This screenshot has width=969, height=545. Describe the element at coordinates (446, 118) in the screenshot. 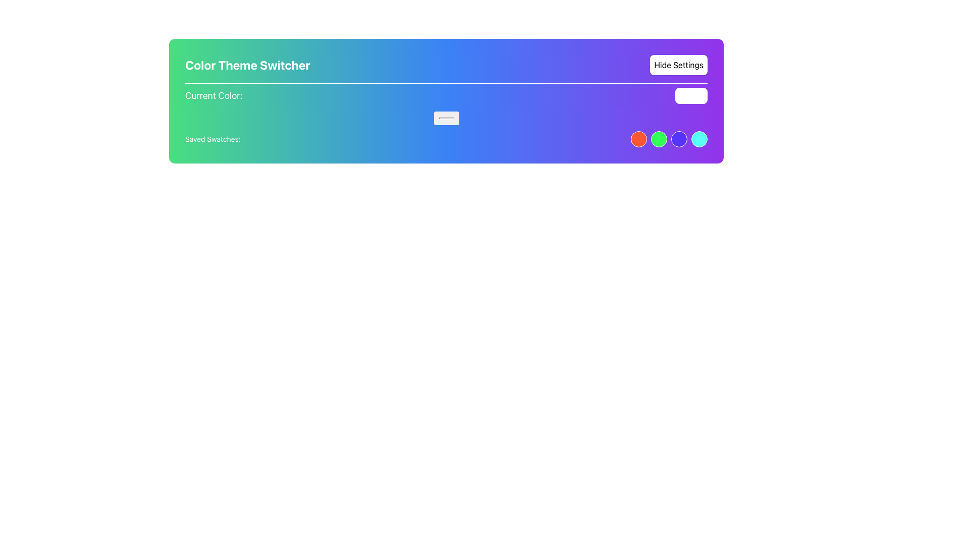

I see `the Color Picker Input located in the 'Current Color' section` at that location.